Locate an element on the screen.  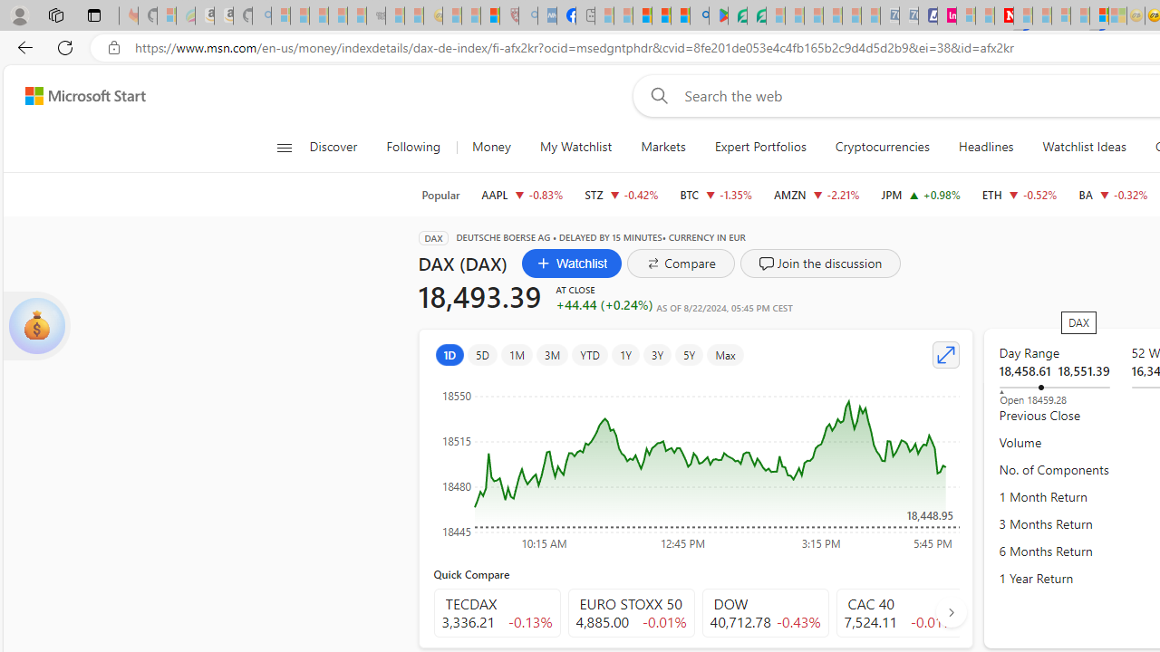
'Watchlist Ideas' is located at coordinates (1084, 147).